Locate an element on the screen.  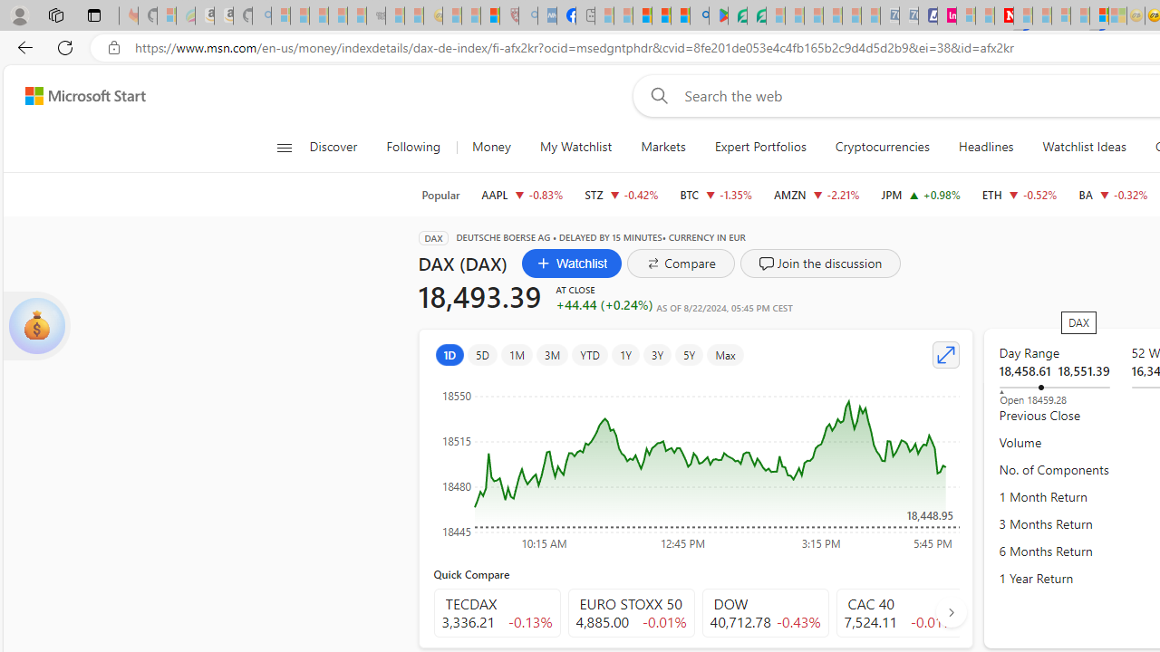
'Watchlist Ideas' is located at coordinates (1084, 147).